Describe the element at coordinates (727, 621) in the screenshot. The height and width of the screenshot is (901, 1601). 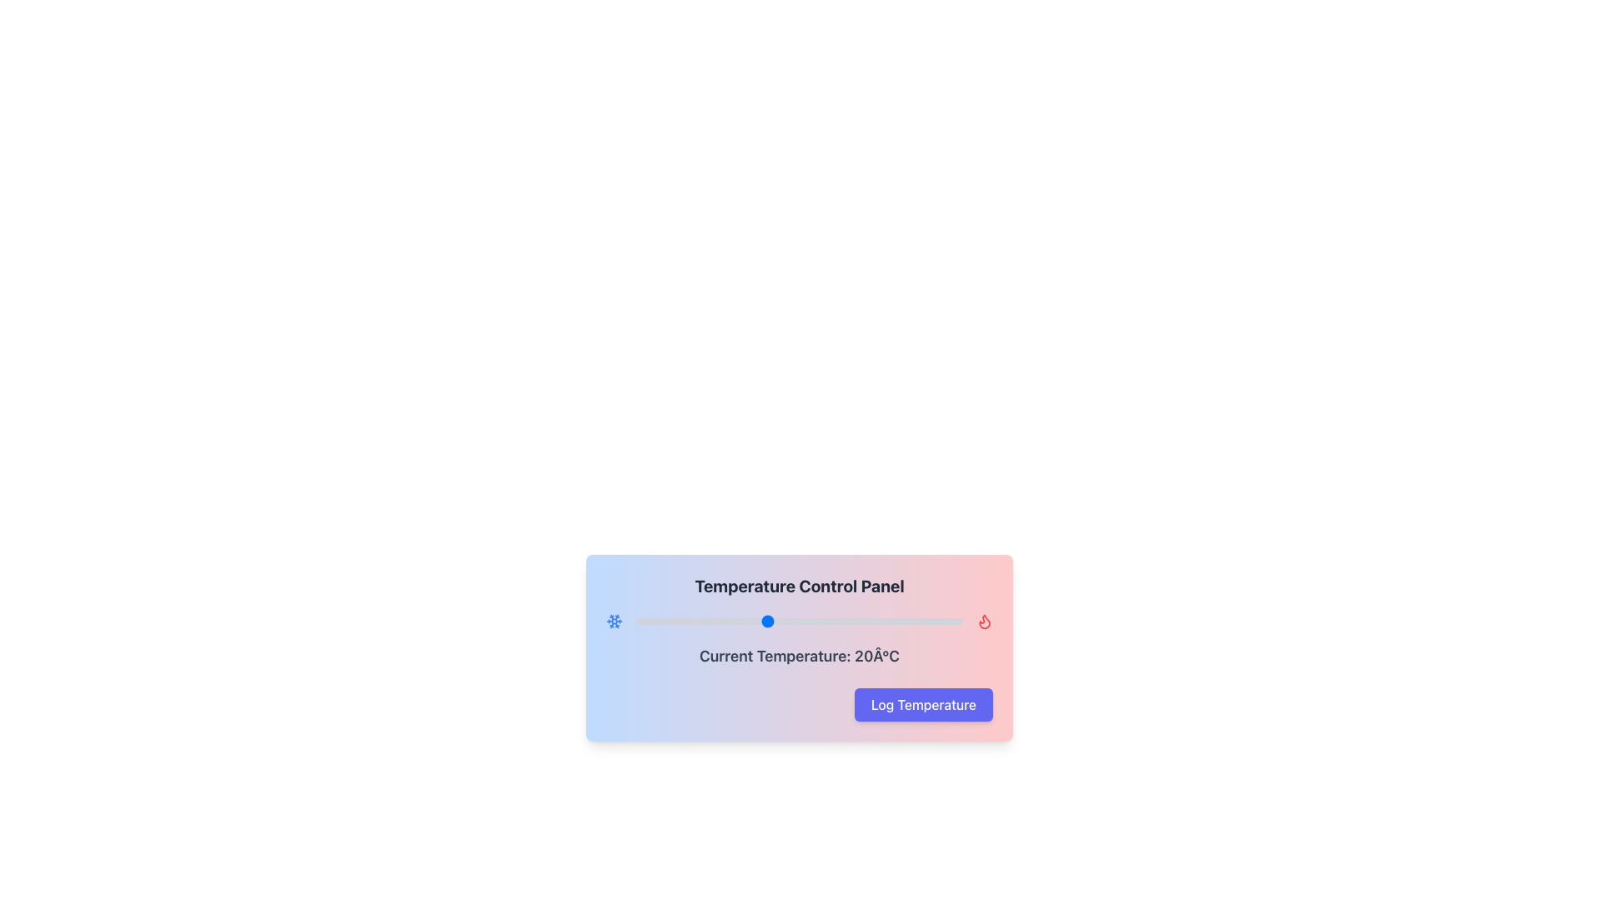
I see `the temperature slider` at that location.